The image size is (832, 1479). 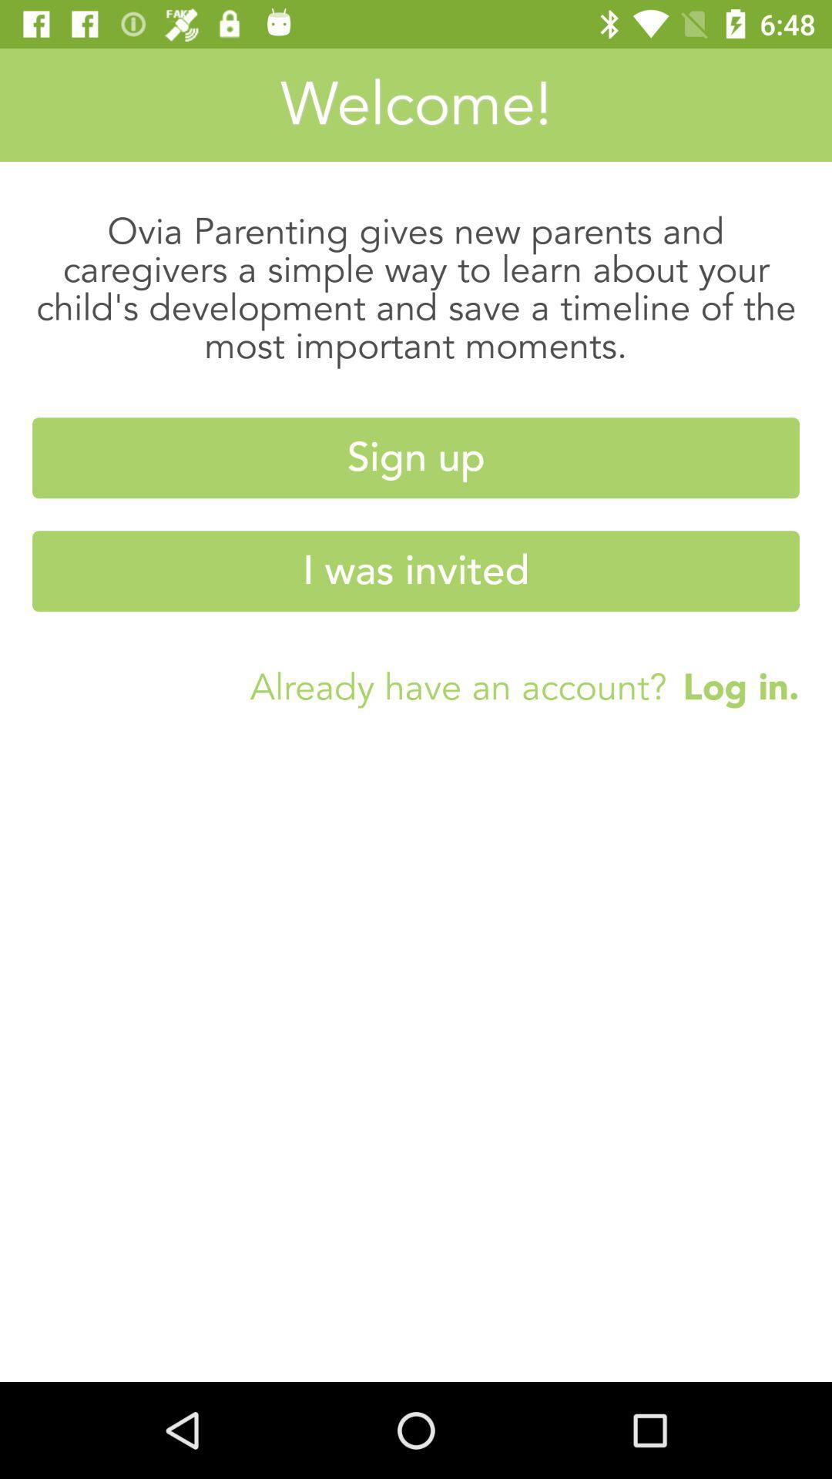 What do you see at coordinates (416, 570) in the screenshot?
I see `the icon above the log in. item` at bounding box center [416, 570].